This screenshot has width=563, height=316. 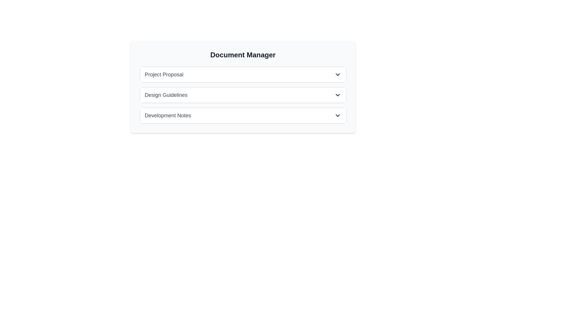 I want to click on the second entry of the dropdown trigger row under 'Document Manager' to expand or hide additional content related to 'Design Guidelines.', so click(x=243, y=95).